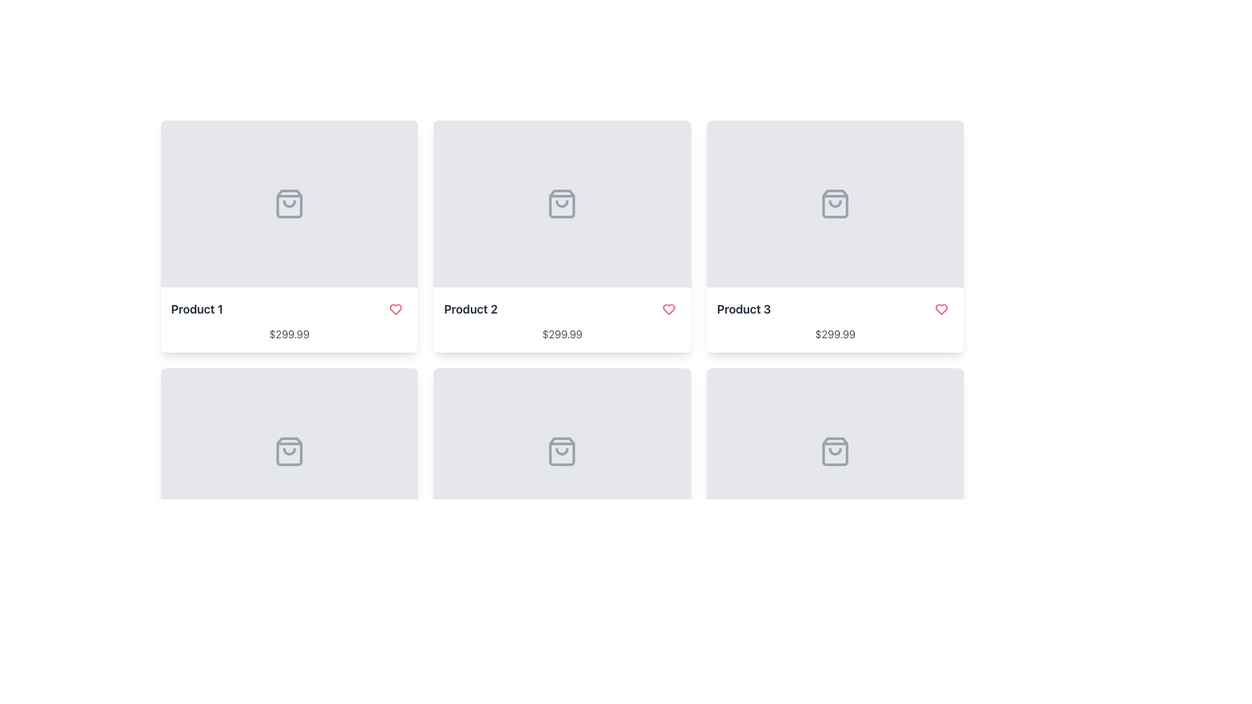 Image resolution: width=1252 pixels, height=704 pixels. What do you see at coordinates (942, 309) in the screenshot?
I see `the heart button located in the top-right corner of the 'Product 3' card to favorite the product` at bounding box center [942, 309].